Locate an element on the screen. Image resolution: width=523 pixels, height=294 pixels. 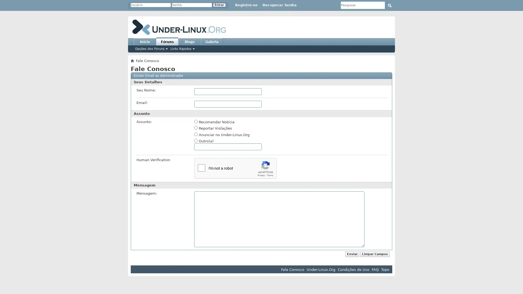
Enviar is located at coordinates (352, 254).